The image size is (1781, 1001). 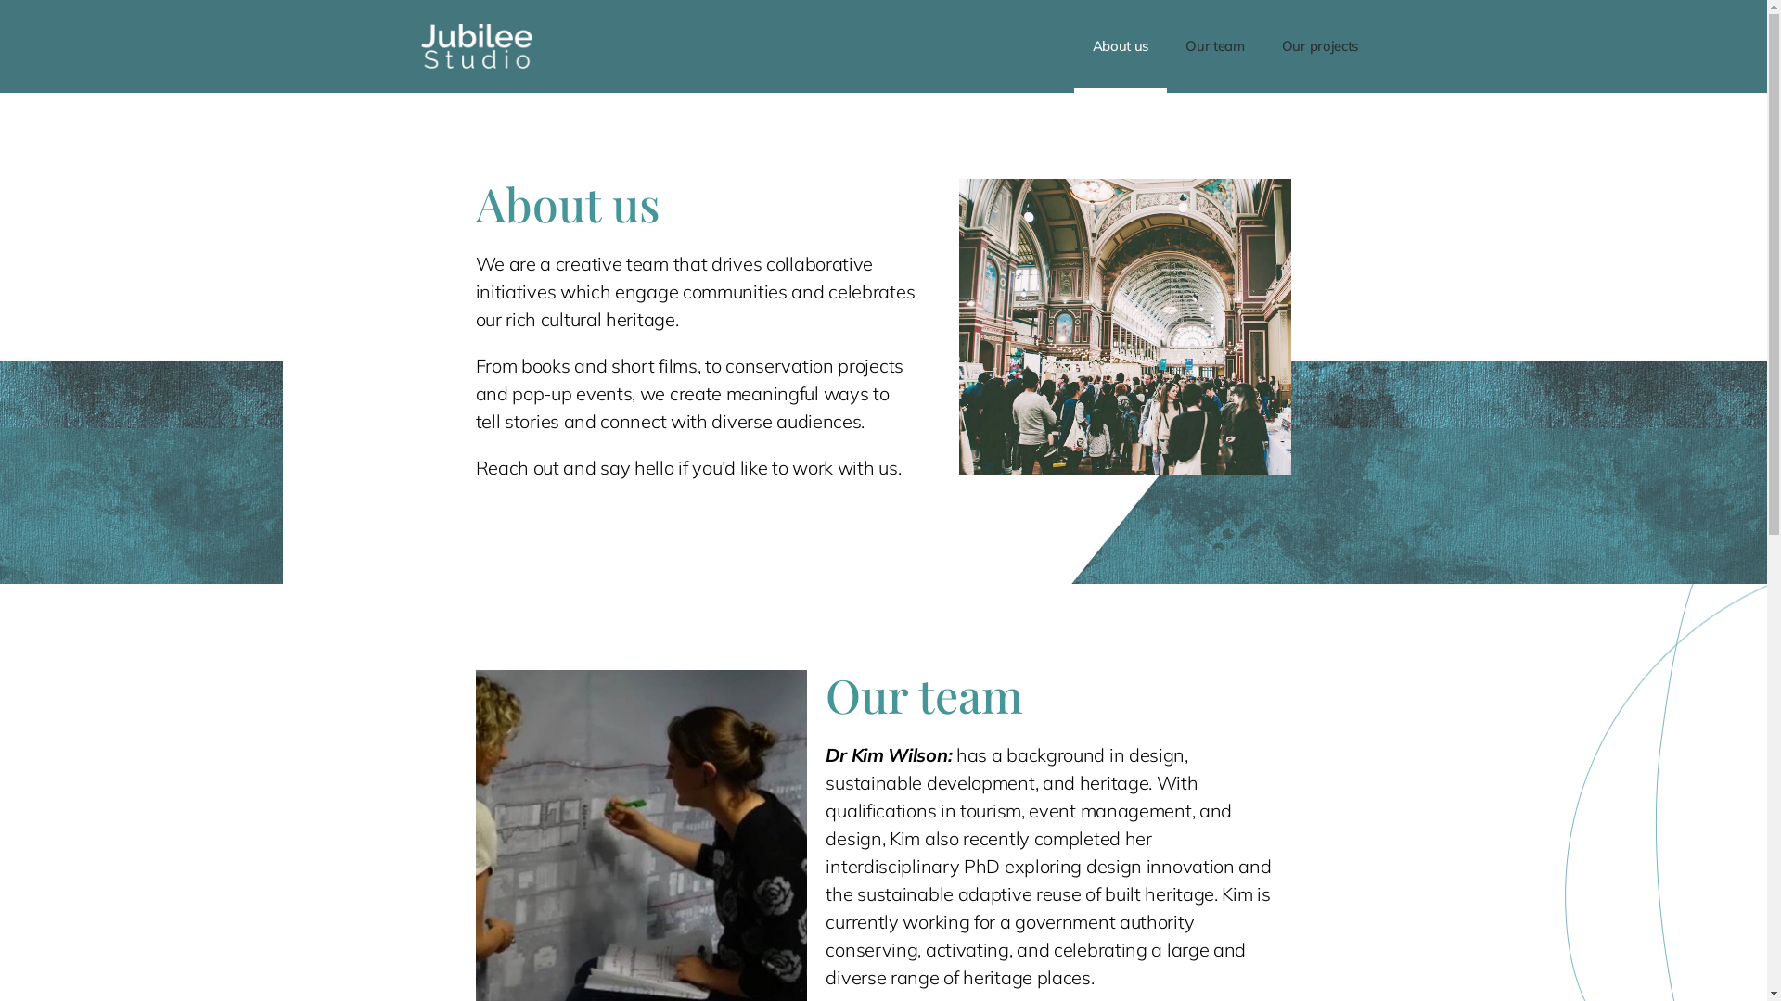 What do you see at coordinates (1262, 45) in the screenshot?
I see `'Our projects'` at bounding box center [1262, 45].